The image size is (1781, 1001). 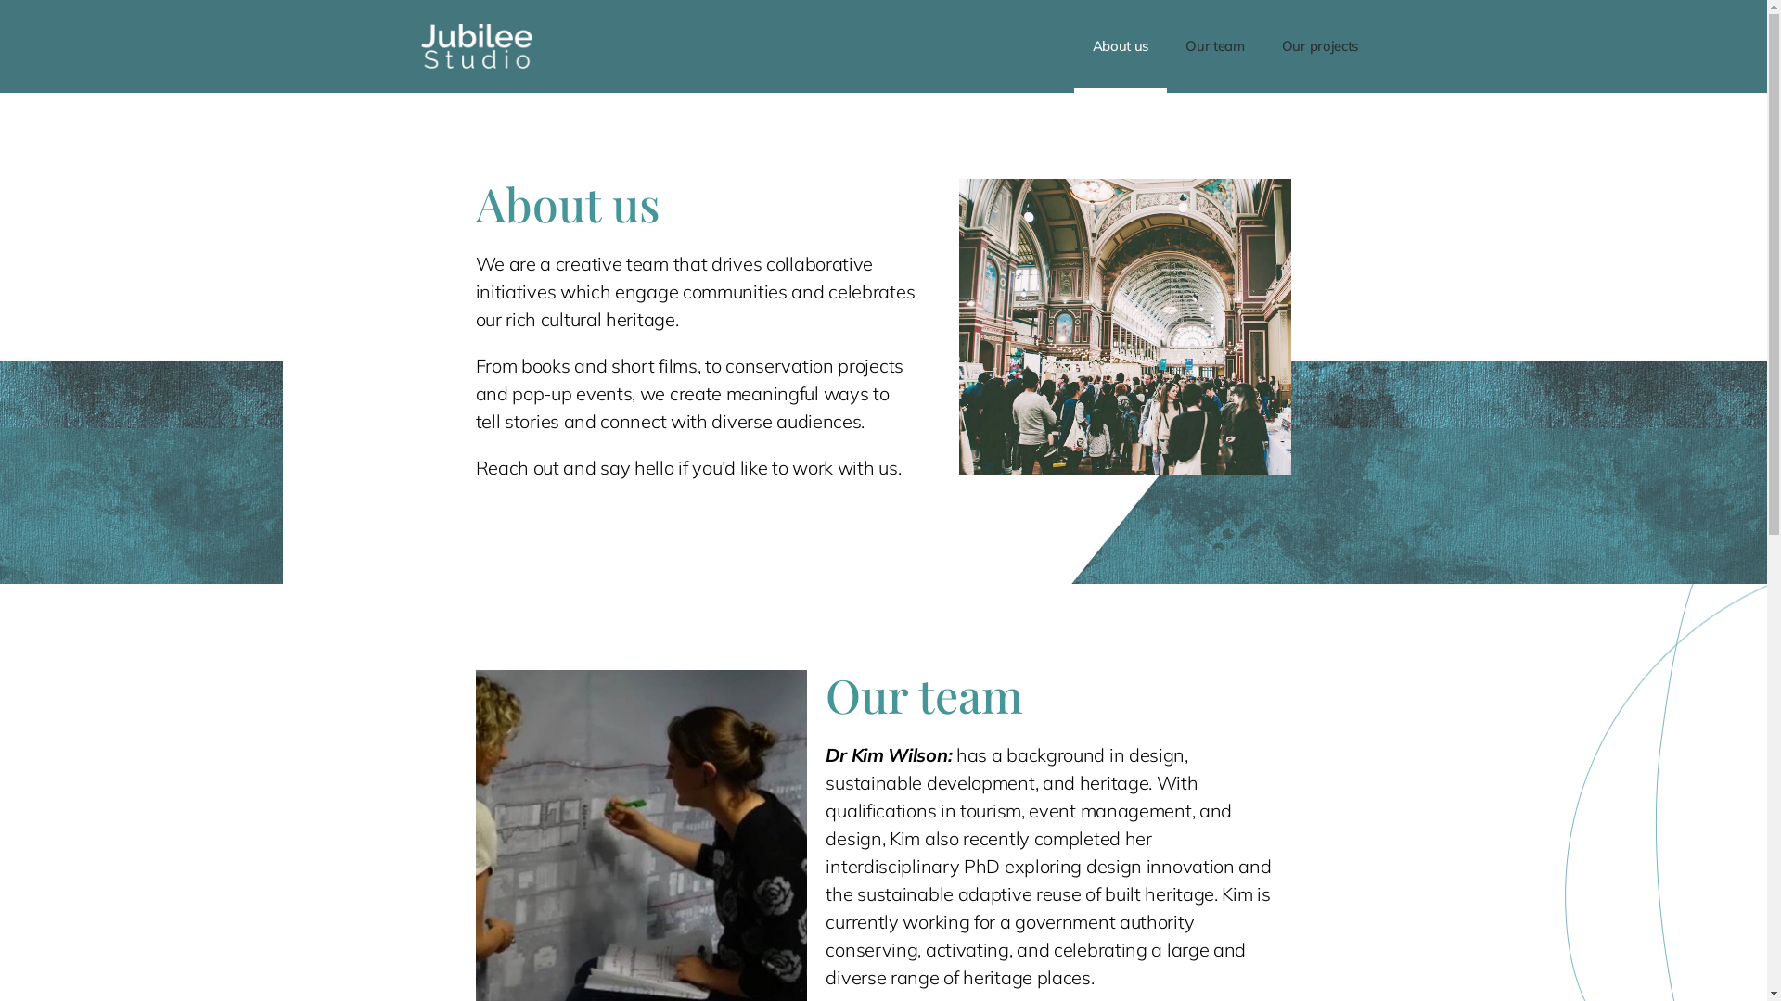 What do you see at coordinates (1262, 45) in the screenshot?
I see `'Our projects'` at bounding box center [1262, 45].